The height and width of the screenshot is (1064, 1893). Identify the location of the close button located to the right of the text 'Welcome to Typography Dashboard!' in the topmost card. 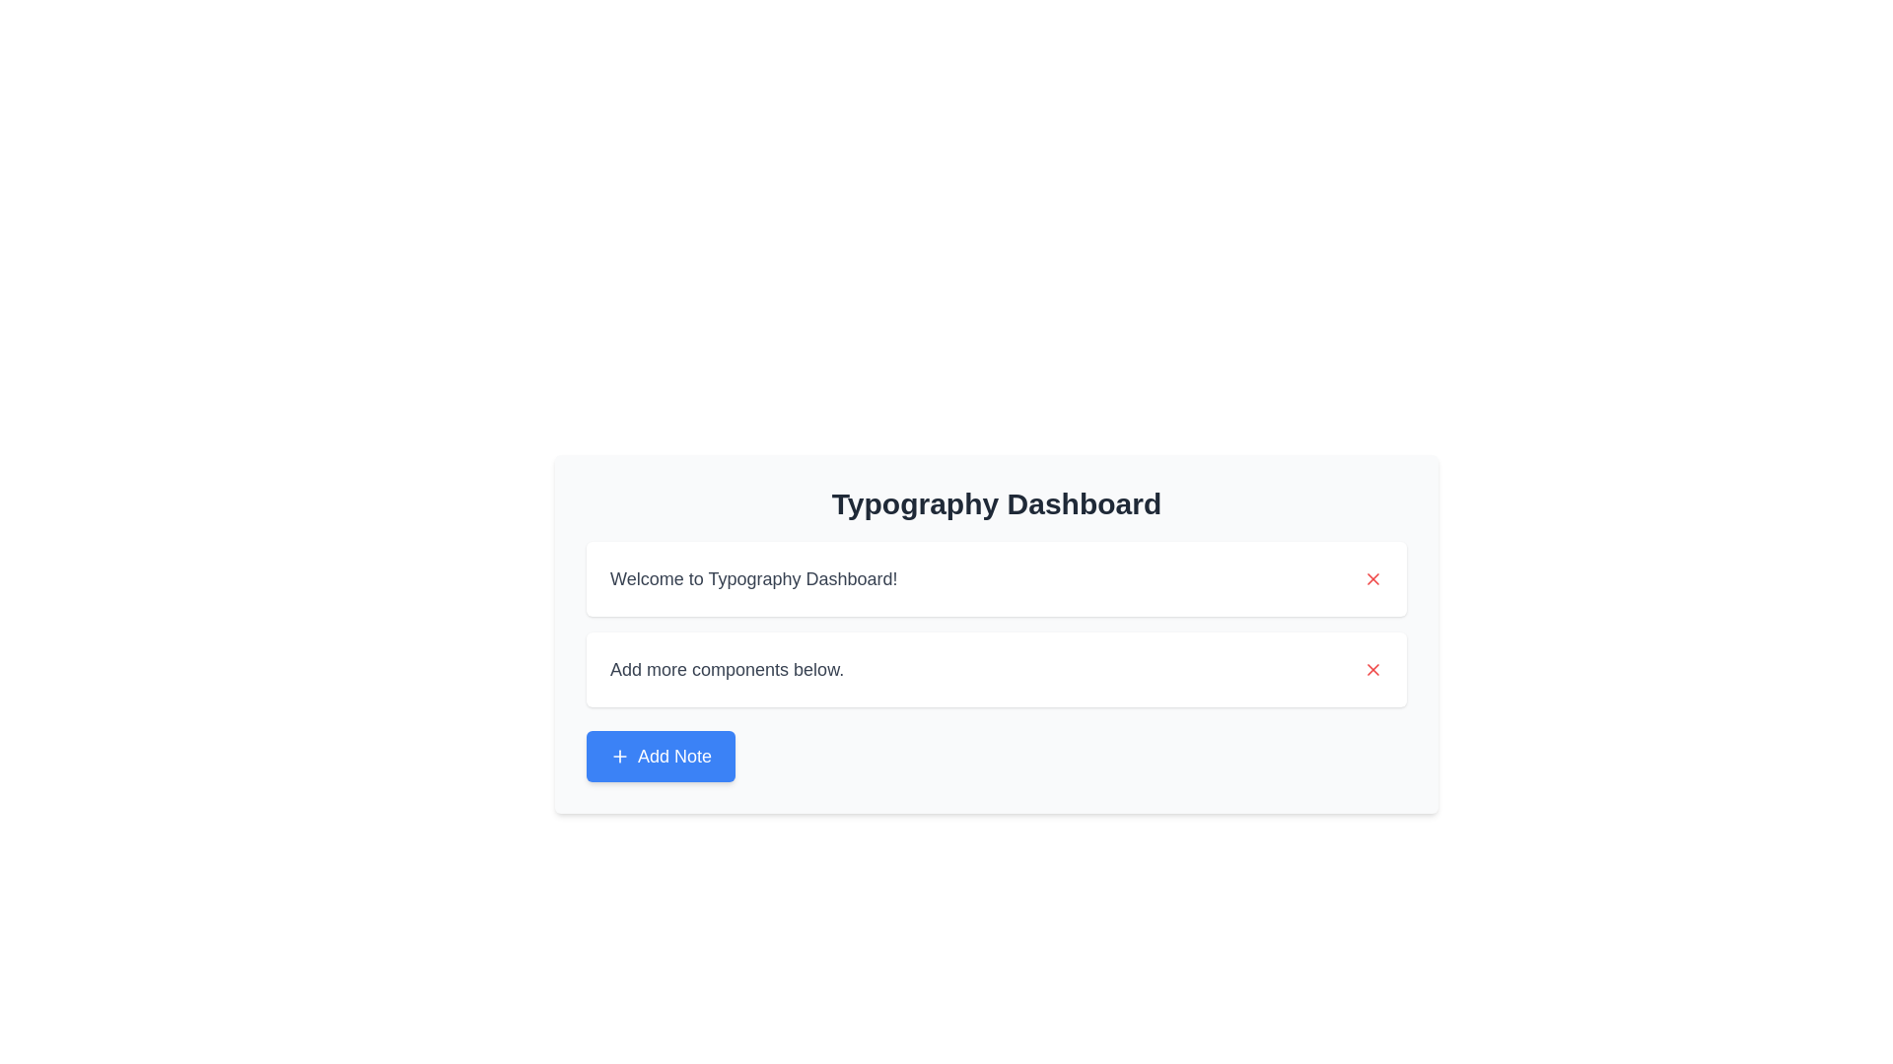
(1371, 577).